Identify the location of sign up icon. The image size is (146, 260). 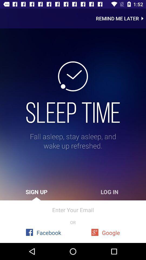
(36, 192).